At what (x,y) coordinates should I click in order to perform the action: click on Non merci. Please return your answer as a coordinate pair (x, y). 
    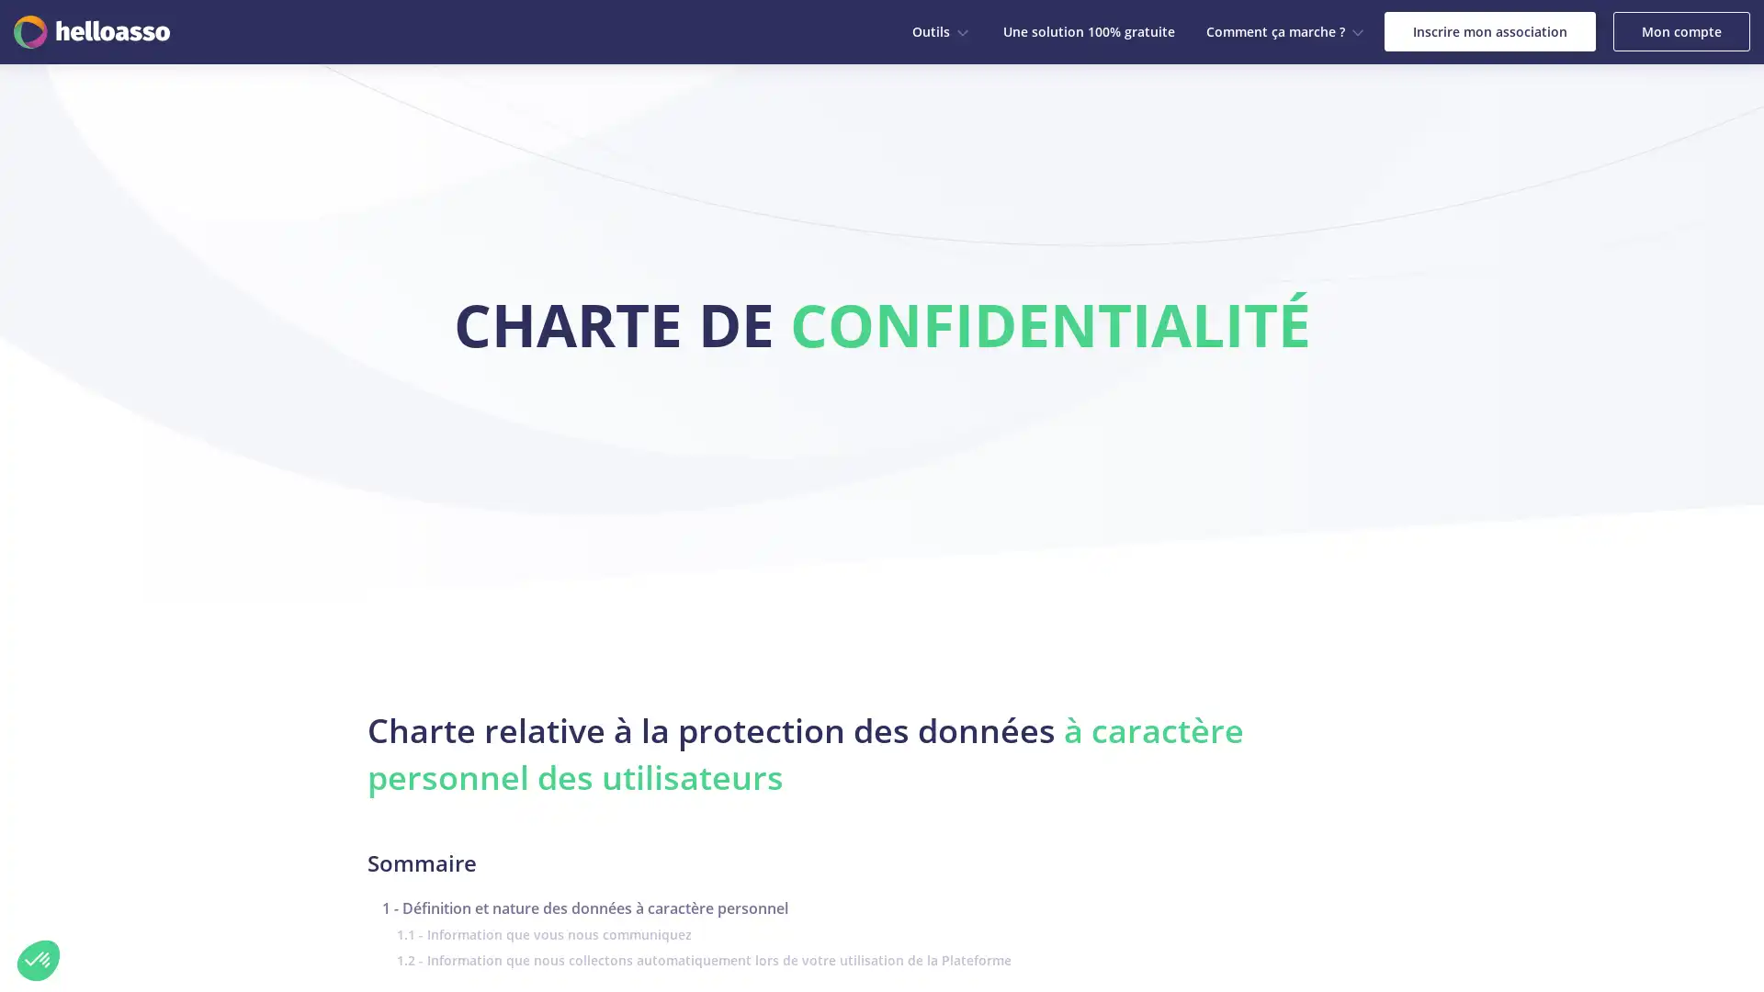
    Looking at the image, I should click on (82, 898).